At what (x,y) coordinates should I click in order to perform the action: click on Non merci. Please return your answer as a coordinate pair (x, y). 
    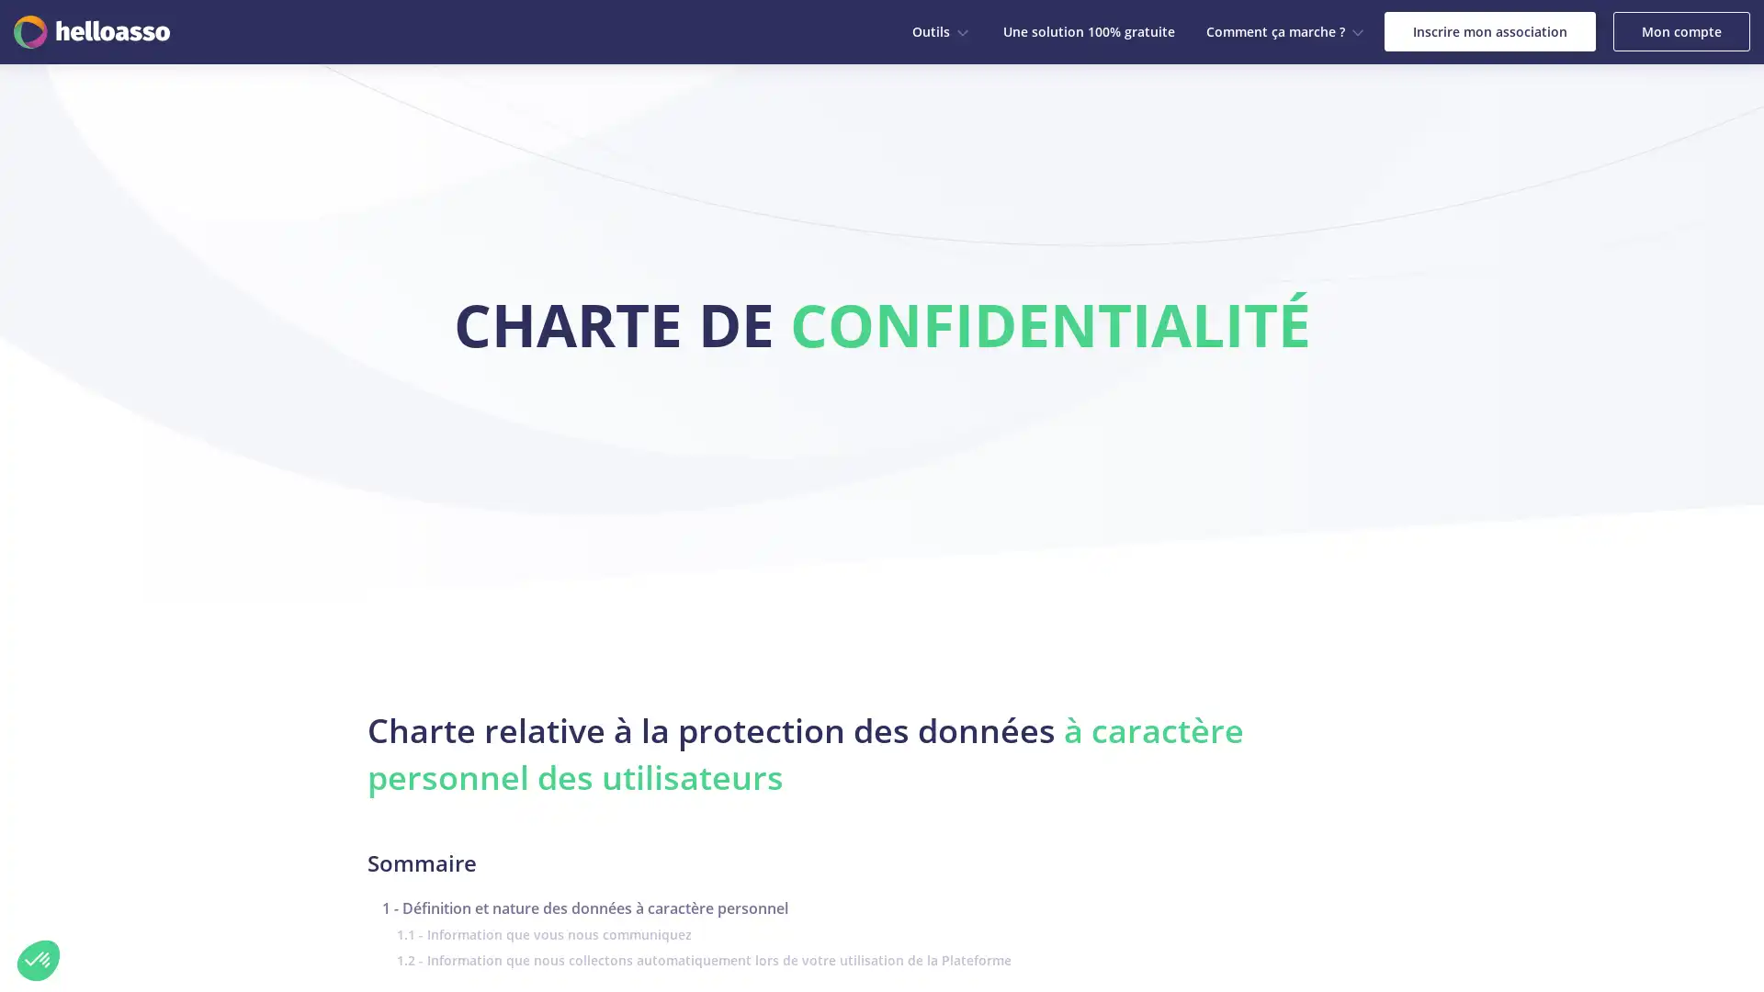
    Looking at the image, I should click on (82, 898).